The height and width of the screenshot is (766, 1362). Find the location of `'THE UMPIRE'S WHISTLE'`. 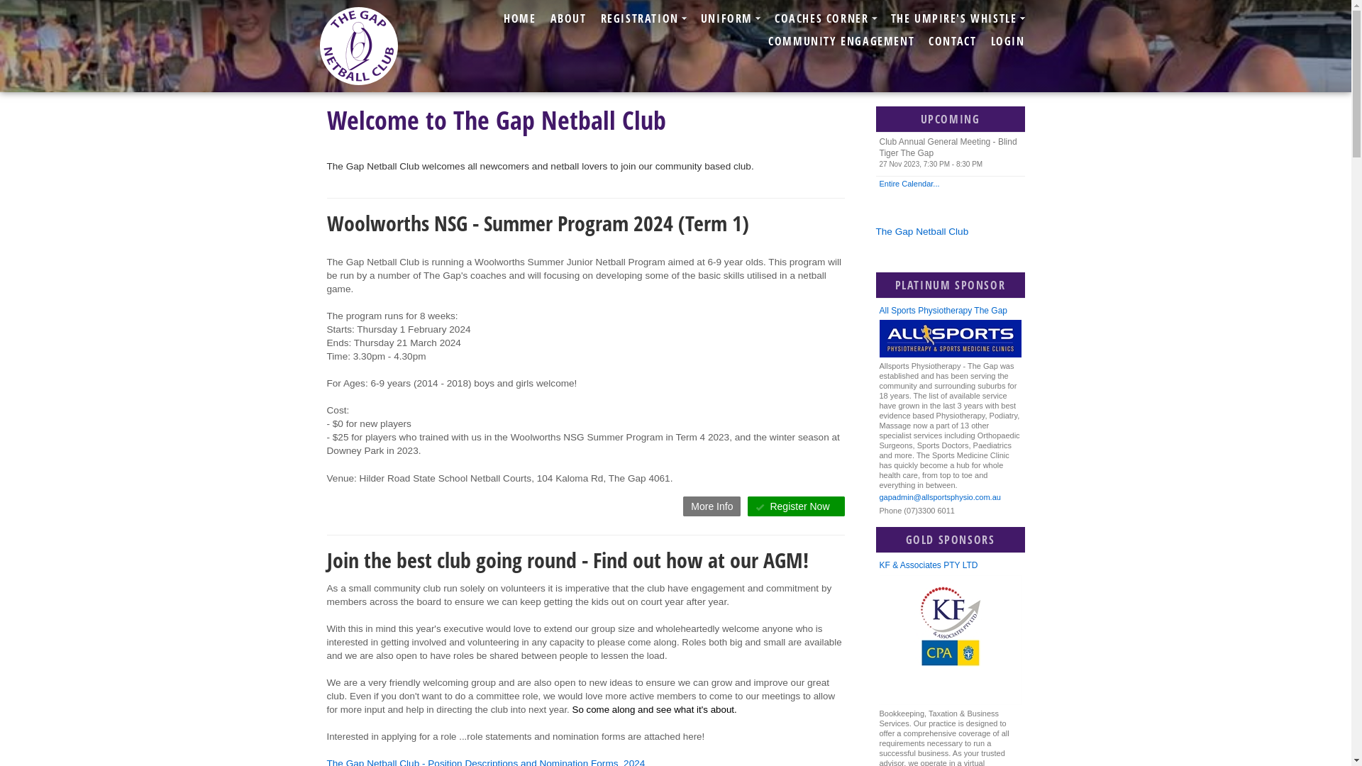

'THE UMPIRE'S WHISTLE' is located at coordinates (958, 18).